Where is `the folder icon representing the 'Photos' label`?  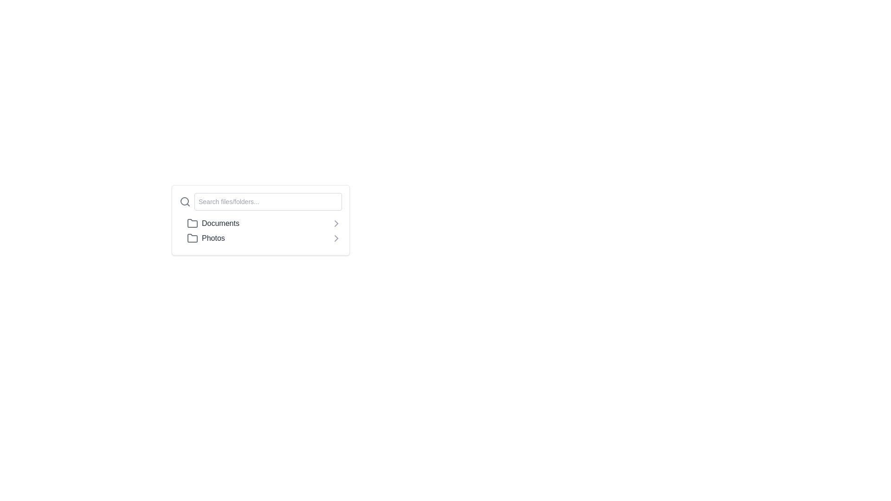 the folder icon representing the 'Photos' label is located at coordinates (192, 238).